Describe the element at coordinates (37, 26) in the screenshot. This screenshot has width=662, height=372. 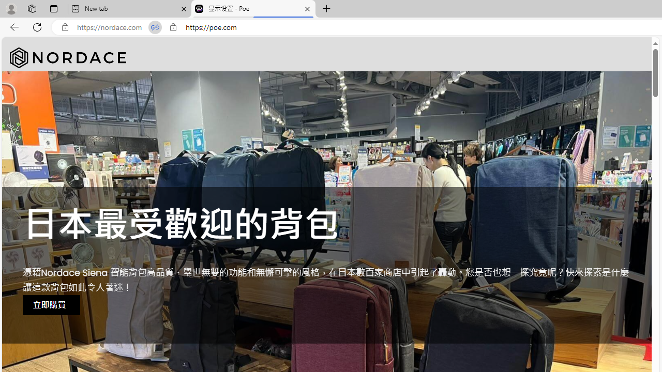
I see `'Refresh'` at that location.